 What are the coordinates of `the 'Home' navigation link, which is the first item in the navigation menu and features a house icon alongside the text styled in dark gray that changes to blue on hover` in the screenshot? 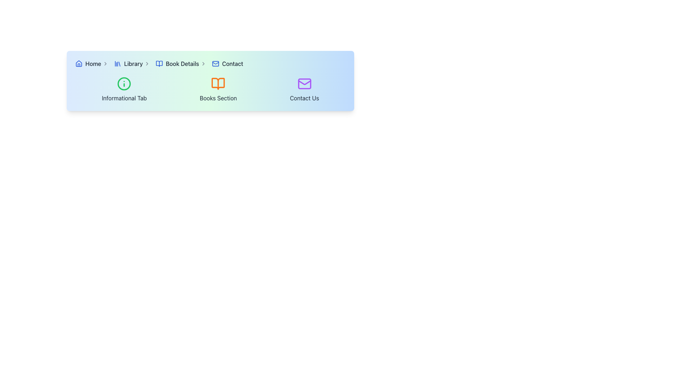 It's located at (92, 63).